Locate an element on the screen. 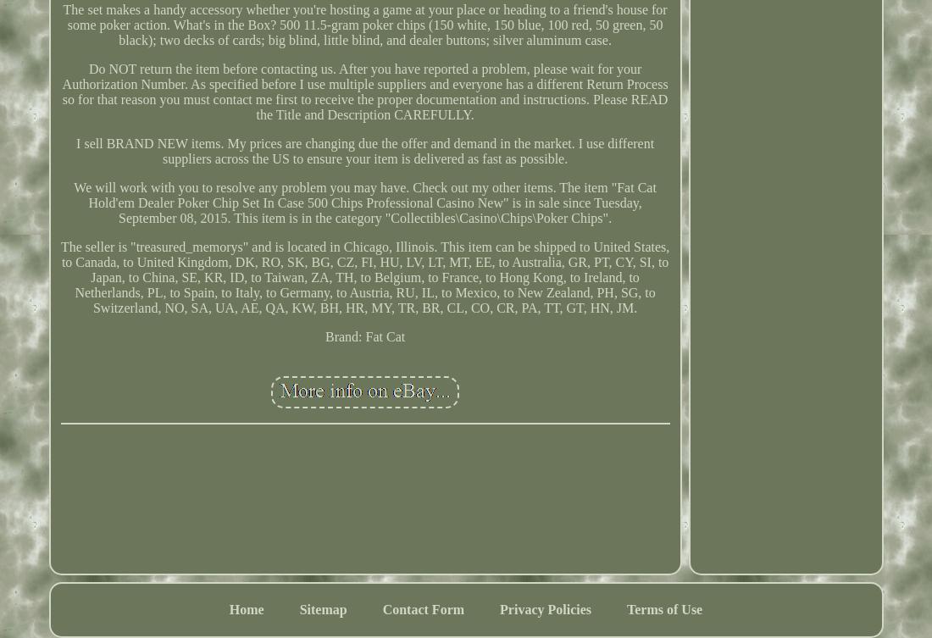  'Sitemap' is located at coordinates (323, 607).